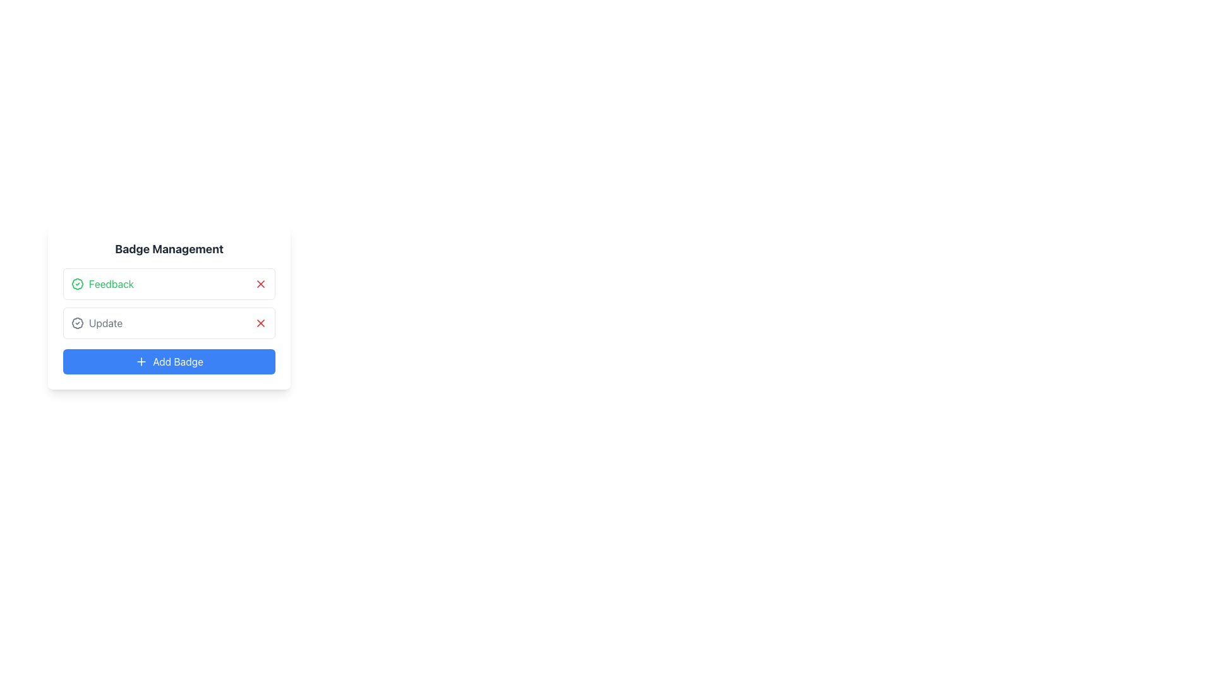 The image size is (1213, 682). Describe the element at coordinates (260, 284) in the screenshot. I see `the delete button for the associated 'Feedback' item in the badge management section` at that location.